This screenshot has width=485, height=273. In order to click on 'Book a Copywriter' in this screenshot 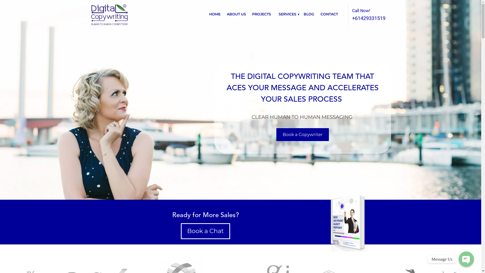, I will do `click(276, 134)`.